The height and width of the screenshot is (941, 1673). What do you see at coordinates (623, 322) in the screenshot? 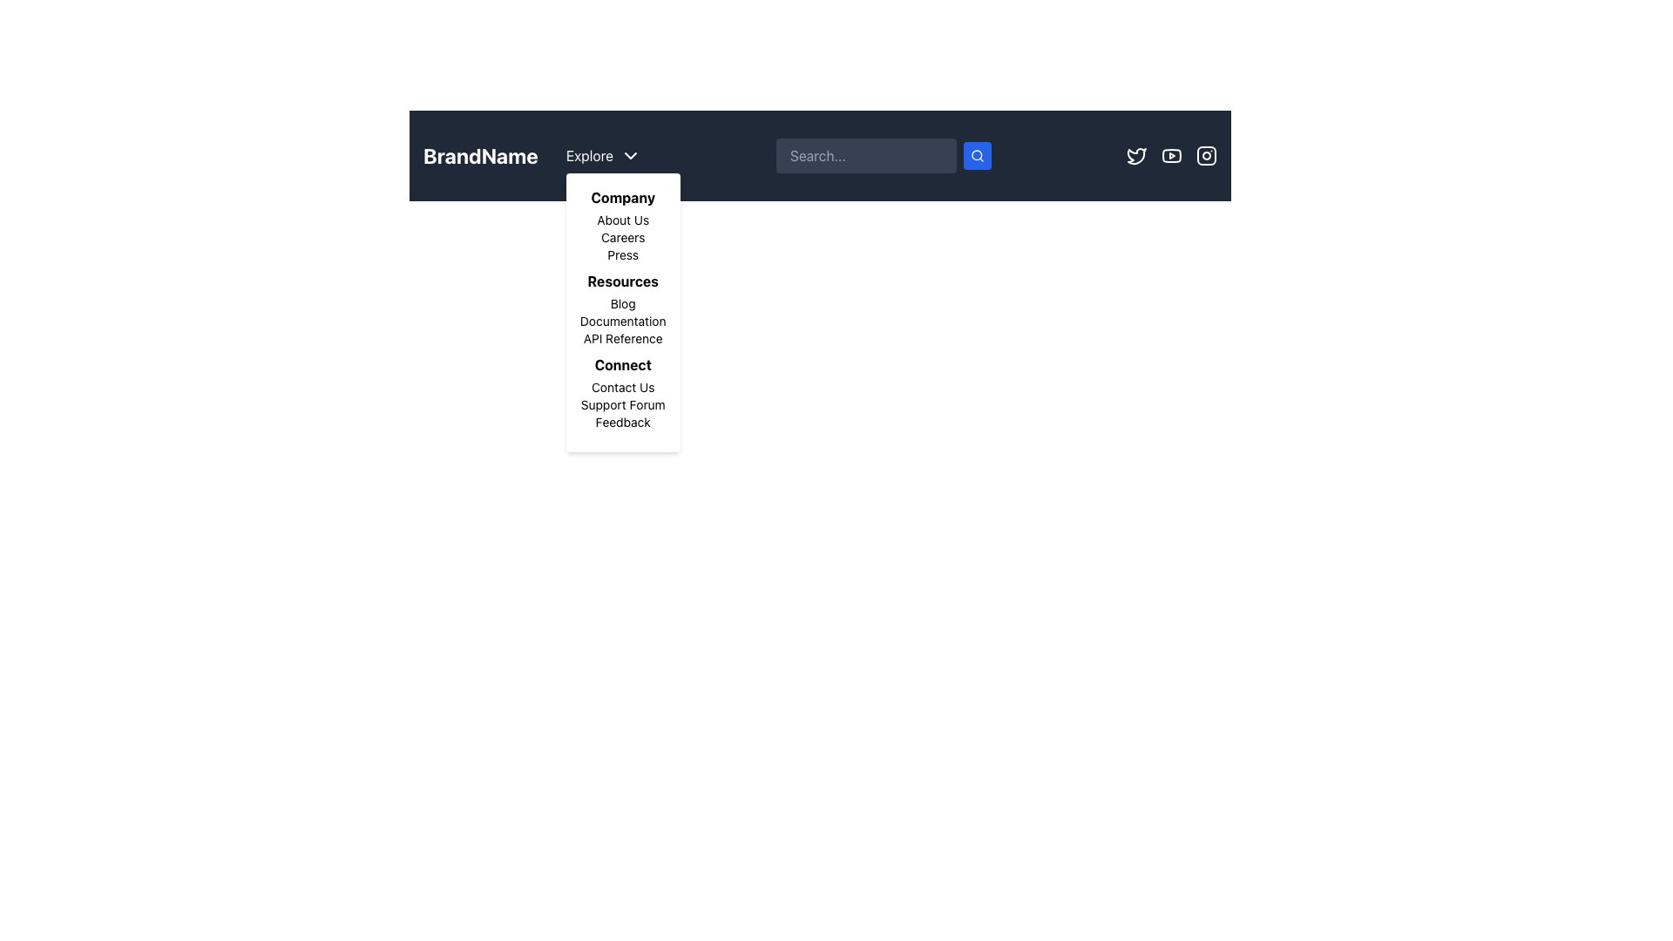
I see `the hyperlink for documentation located as the second item under 'Resources' in the dropdown menu, positioned between 'Blog' and 'API Reference'` at bounding box center [623, 322].